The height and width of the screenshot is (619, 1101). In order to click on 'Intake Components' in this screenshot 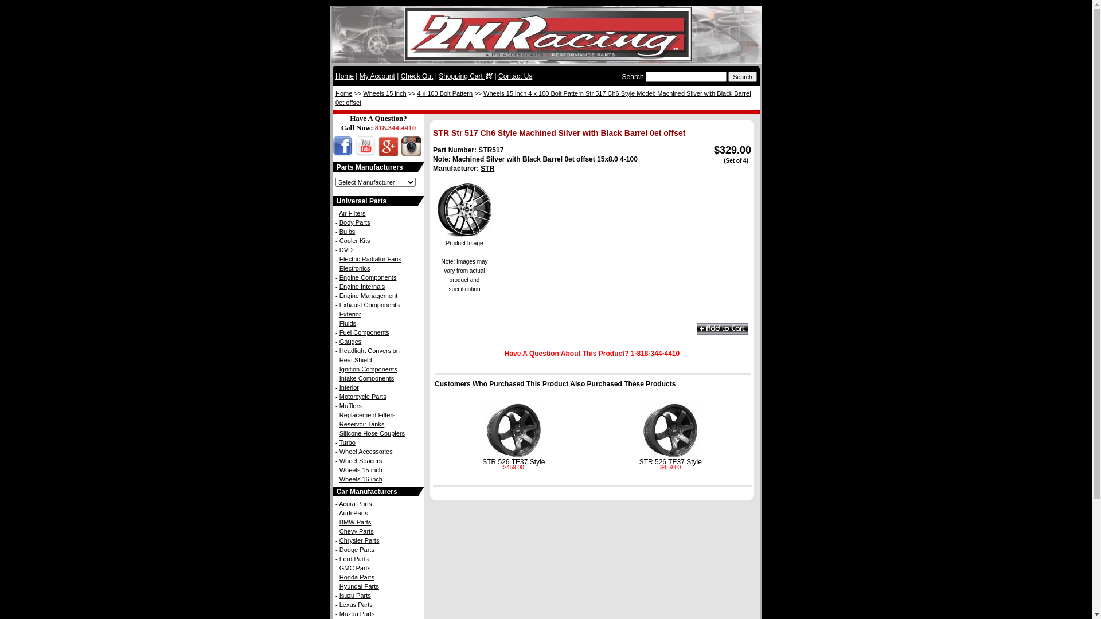, I will do `click(366, 378)`.